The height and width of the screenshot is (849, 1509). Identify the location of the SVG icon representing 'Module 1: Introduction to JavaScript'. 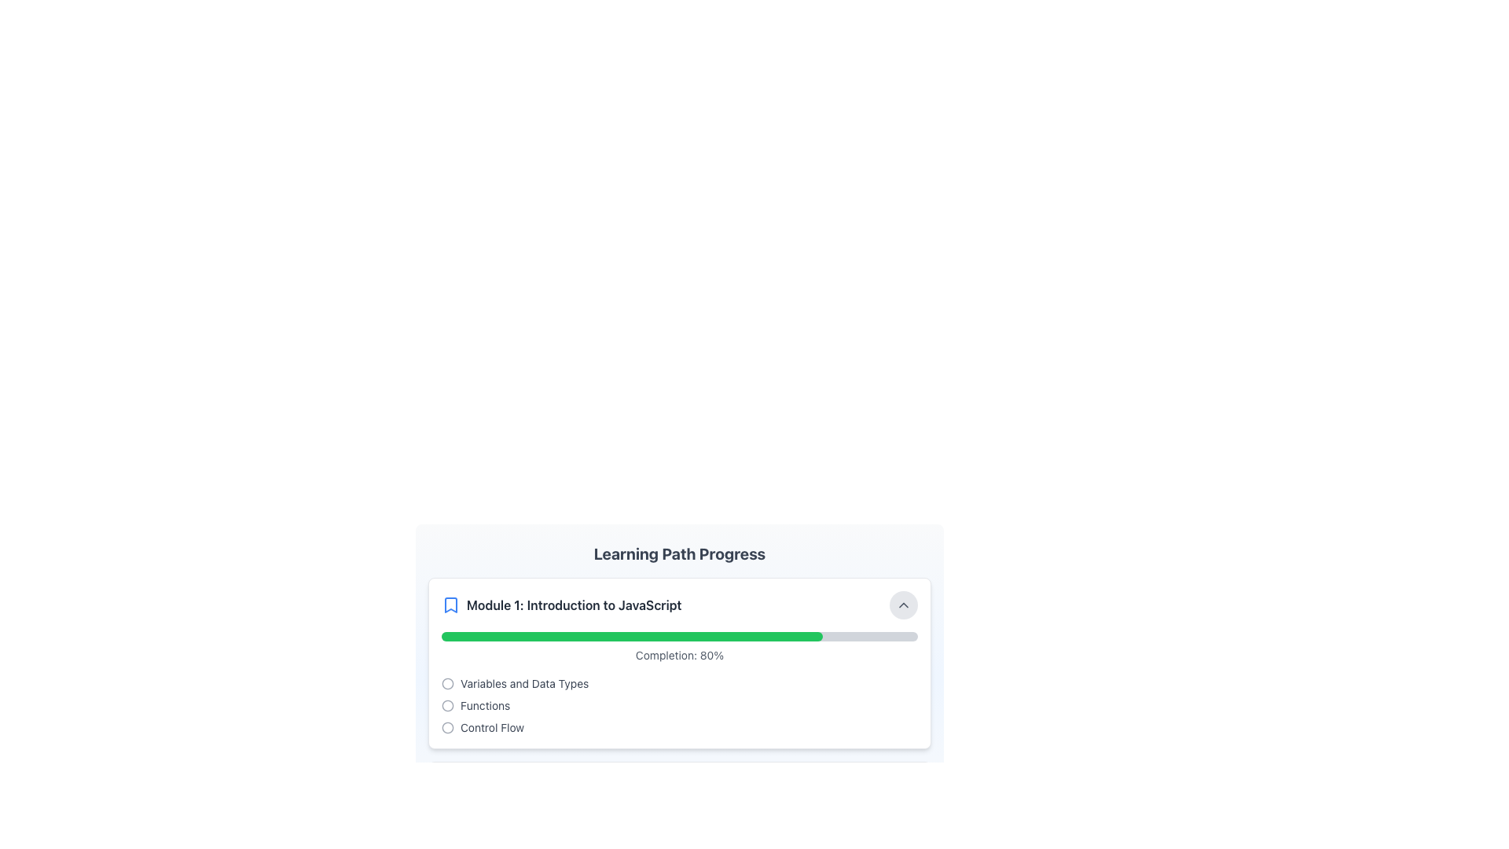
(450, 605).